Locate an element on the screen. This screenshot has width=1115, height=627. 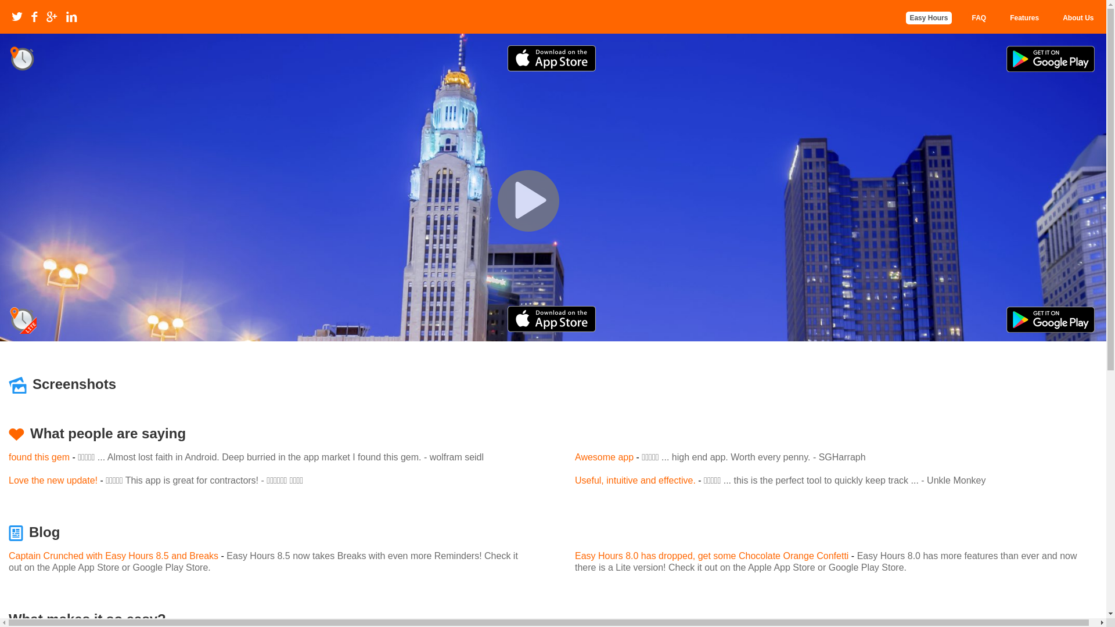
'found this gem' is located at coordinates (39, 456).